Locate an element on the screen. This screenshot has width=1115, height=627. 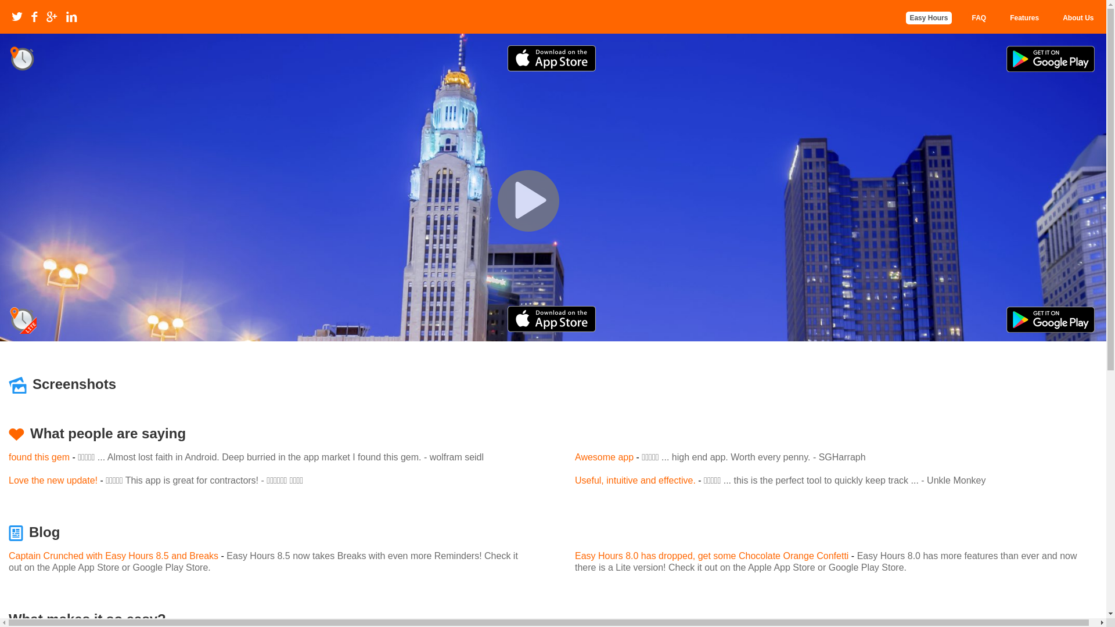
'found this gem' is located at coordinates (39, 456).